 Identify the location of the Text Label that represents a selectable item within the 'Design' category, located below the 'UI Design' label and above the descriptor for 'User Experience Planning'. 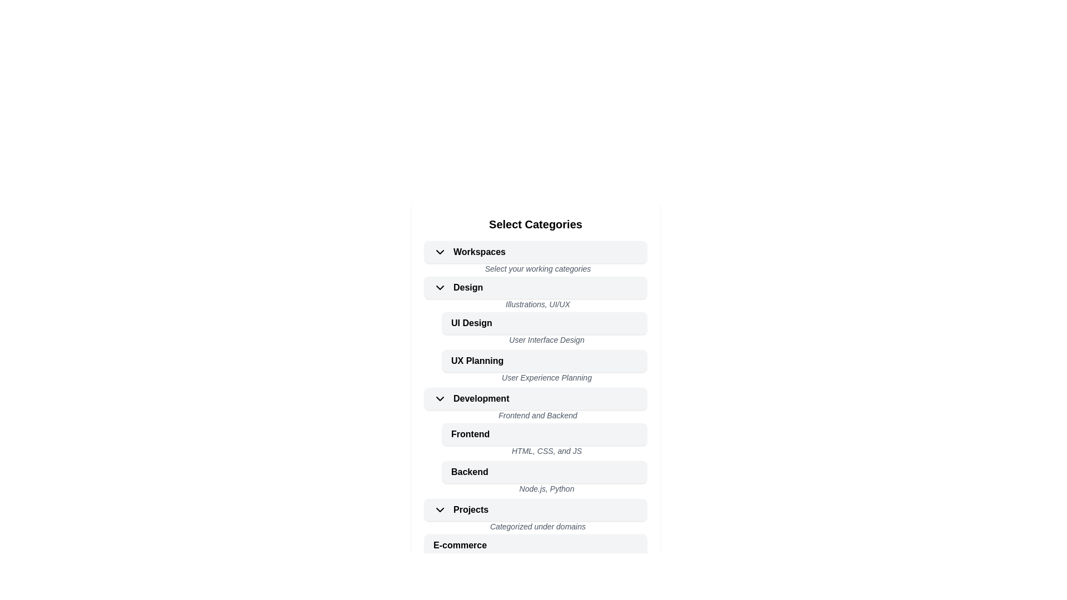
(477, 361).